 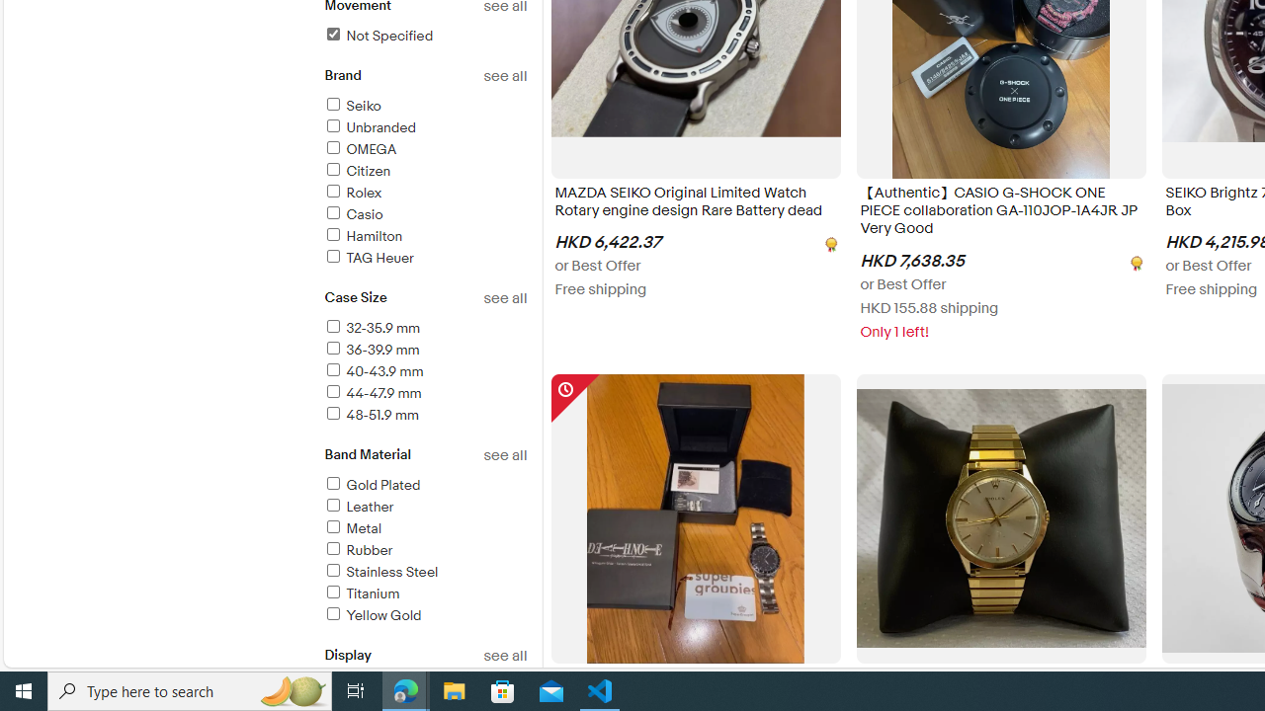 I want to click on 'Yellow Gold', so click(x=424, y=615).